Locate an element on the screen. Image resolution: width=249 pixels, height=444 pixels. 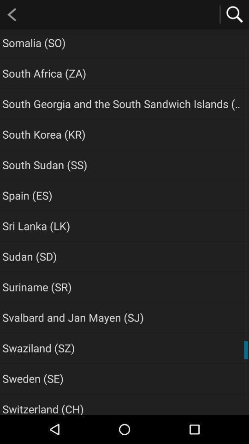
south sudan (ss) is located at coordinates (44, 165).